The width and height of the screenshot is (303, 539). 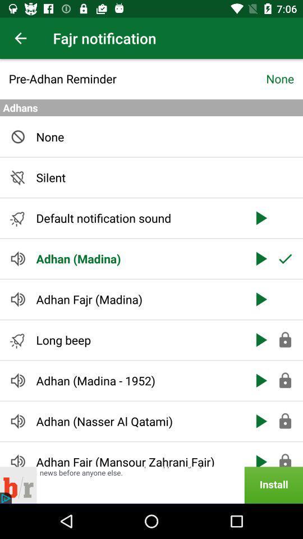 What do you see at coordinates (137, 78) in the screenshot?
I see `the item to the left of the none icon` at bounding box center [137, 78].